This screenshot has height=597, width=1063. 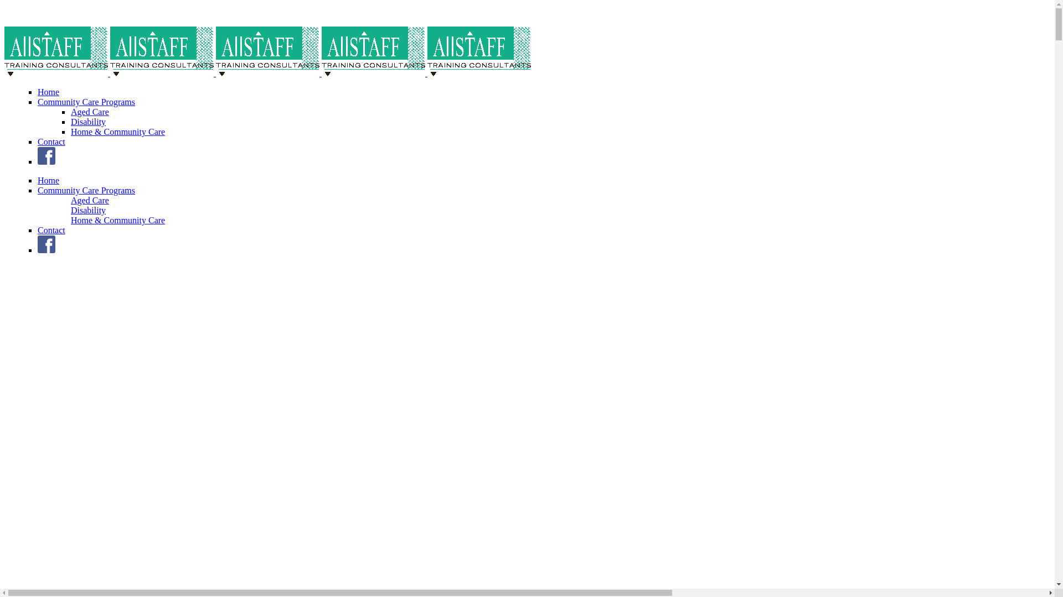 What do you see at coordinates (117, 131) in the screenshot?
I see `'Home & Community Care'` at bounding box center [117, 131].